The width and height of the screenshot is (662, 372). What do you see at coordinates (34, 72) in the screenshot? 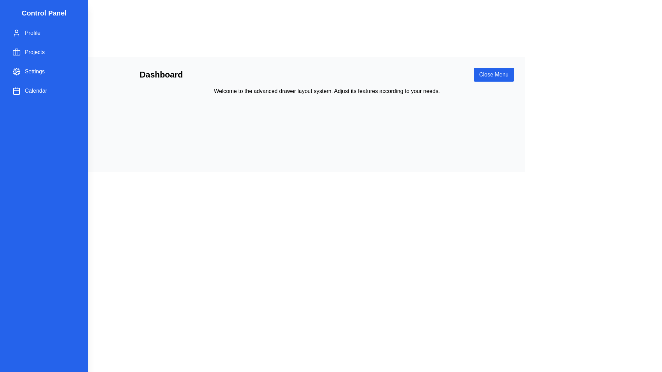
I see `the 'Settings' text label in the menu button located in the left vertical navigation bar` at bounding box center [34, 72].